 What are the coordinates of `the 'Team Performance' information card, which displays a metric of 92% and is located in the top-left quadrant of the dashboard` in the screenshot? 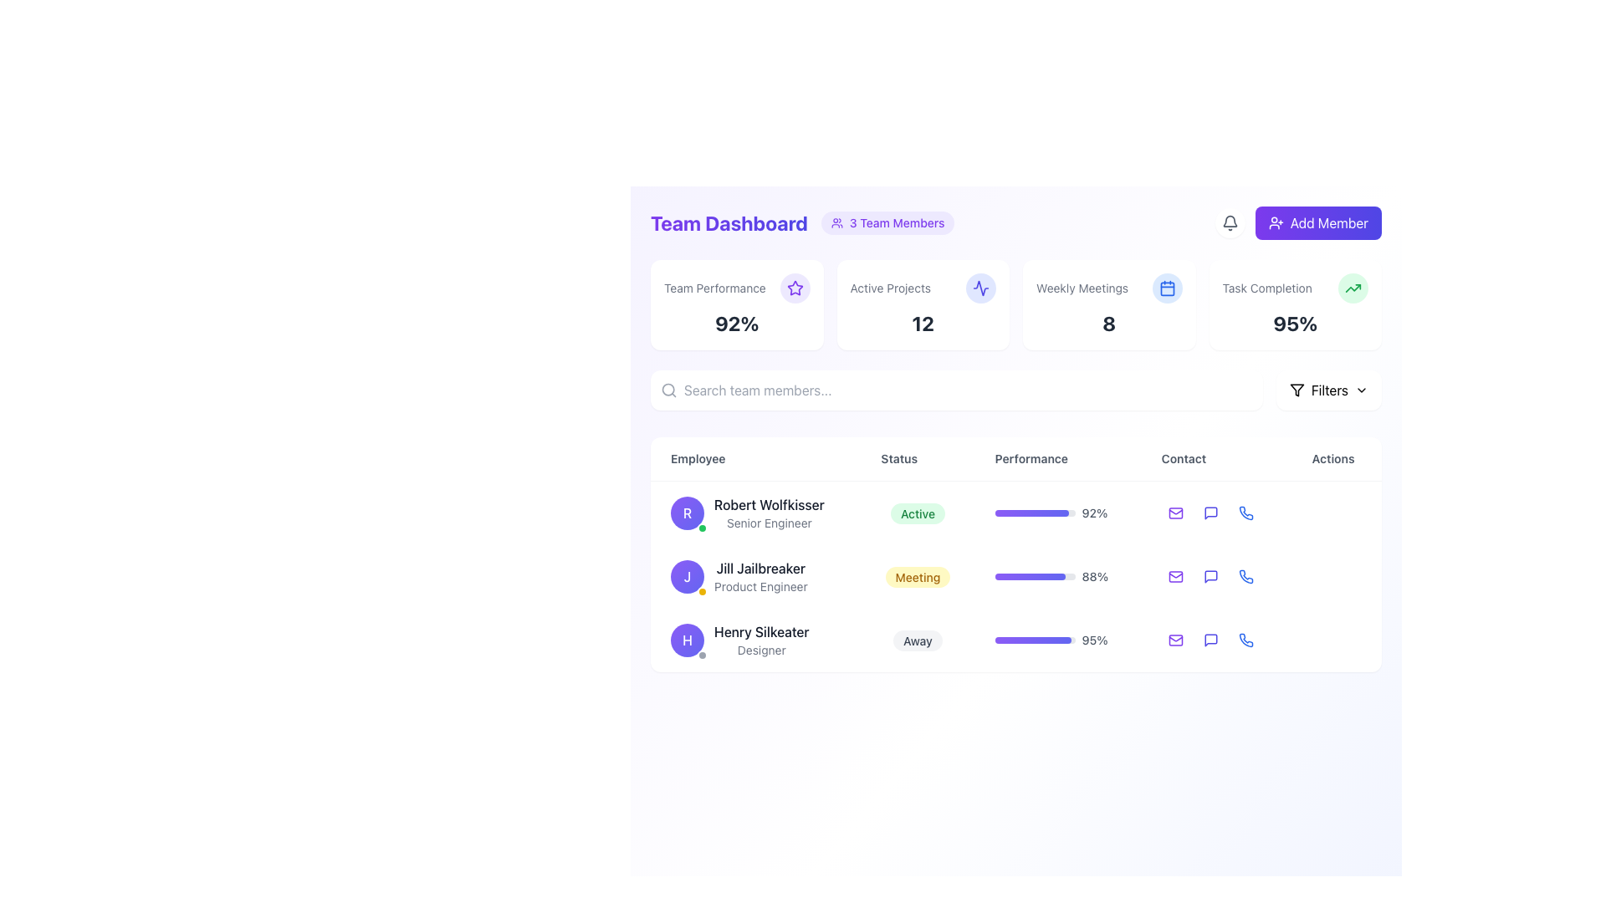 It's located at (736, 305).